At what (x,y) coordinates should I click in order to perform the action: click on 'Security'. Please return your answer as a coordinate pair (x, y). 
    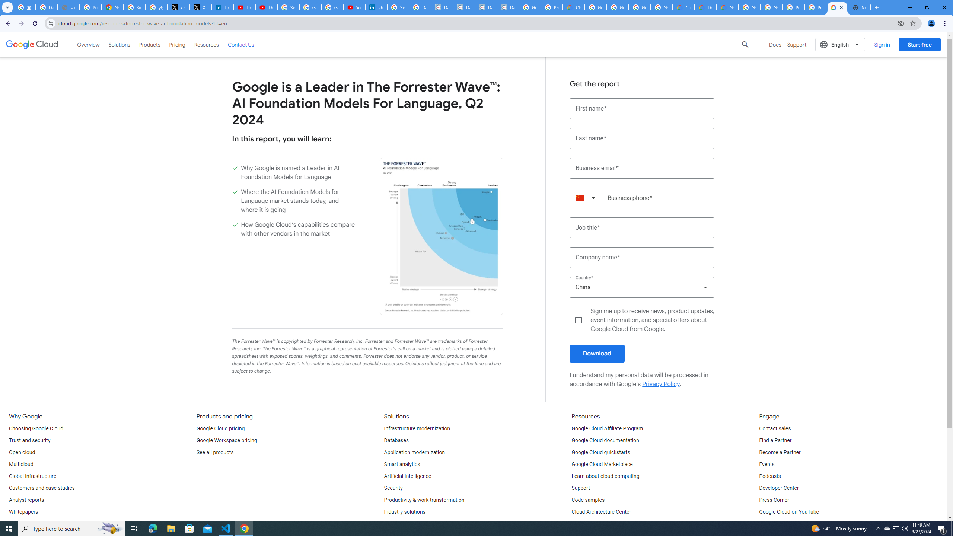
    Looking at the image, I should click on (393, 488).